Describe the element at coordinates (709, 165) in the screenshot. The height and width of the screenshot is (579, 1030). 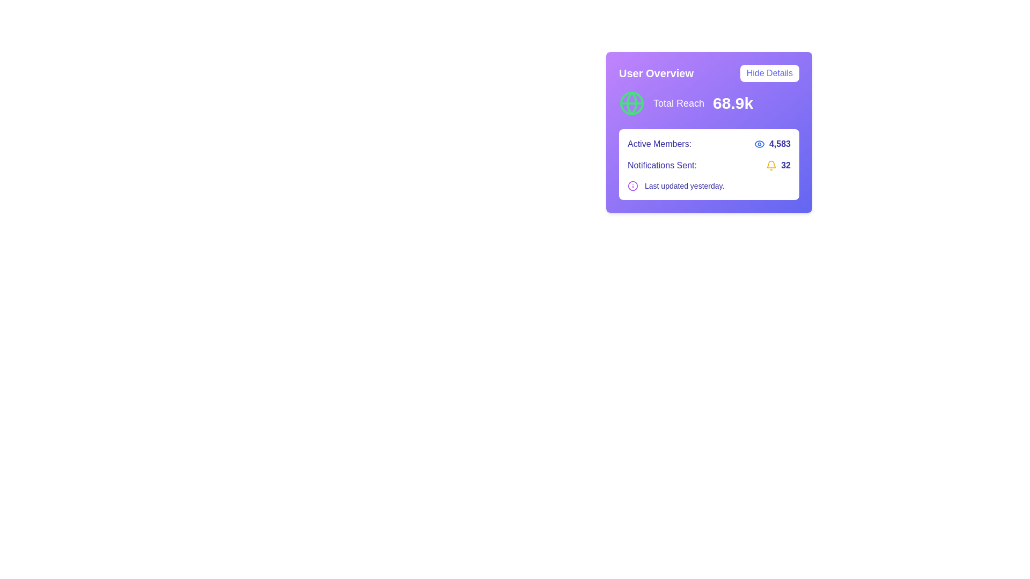
I see `the notification statistics displayed in the second row of the 'User Overview' card, which shows the number of notifications sent` at that location.